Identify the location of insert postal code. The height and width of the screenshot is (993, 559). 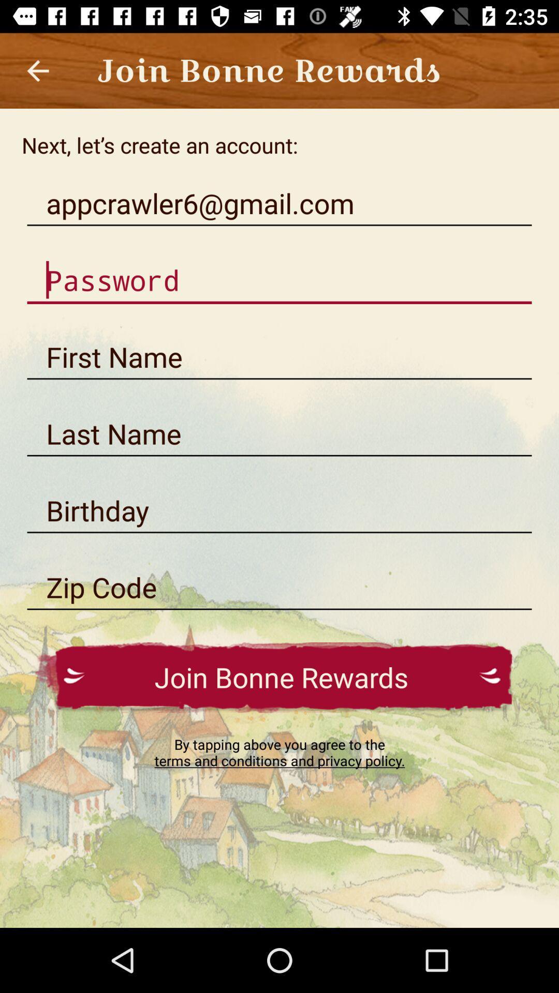
(279, 588).